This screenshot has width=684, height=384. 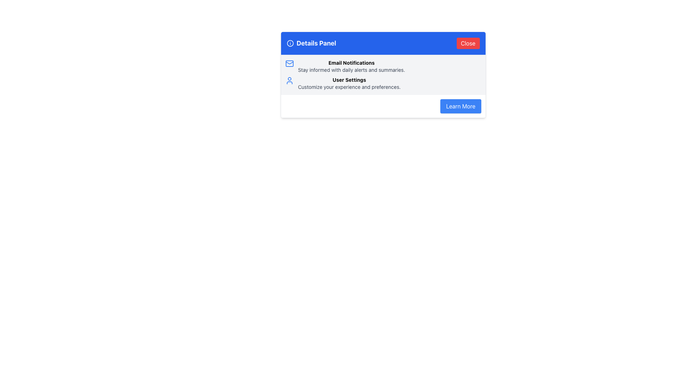 I want to click on descriptive support text label located below the 'Email Notifications' title in the 'Details Panel', so click(x=351, y=70).